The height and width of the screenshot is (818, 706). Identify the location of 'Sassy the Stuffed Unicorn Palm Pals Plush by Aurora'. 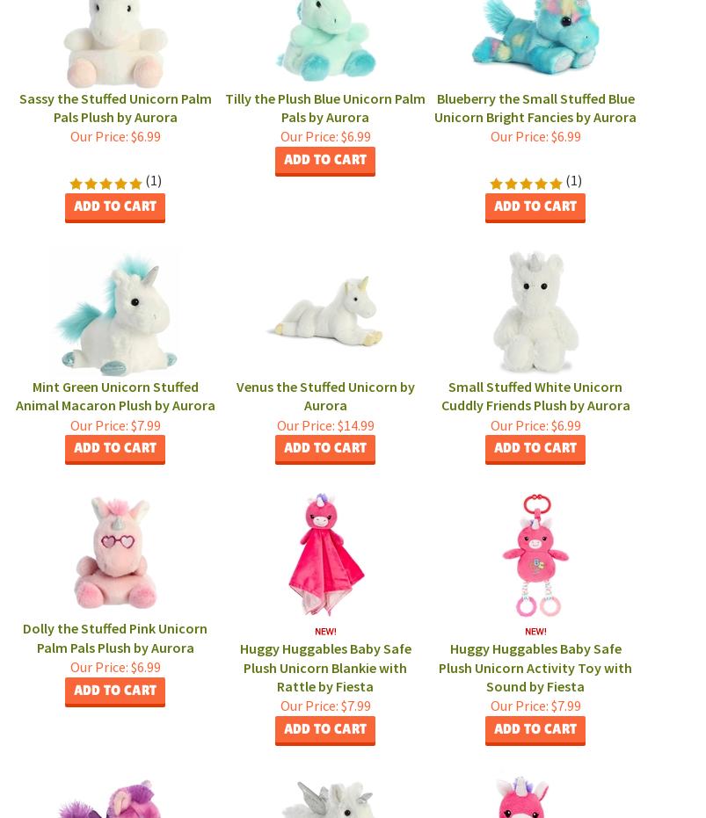
(114, 106).